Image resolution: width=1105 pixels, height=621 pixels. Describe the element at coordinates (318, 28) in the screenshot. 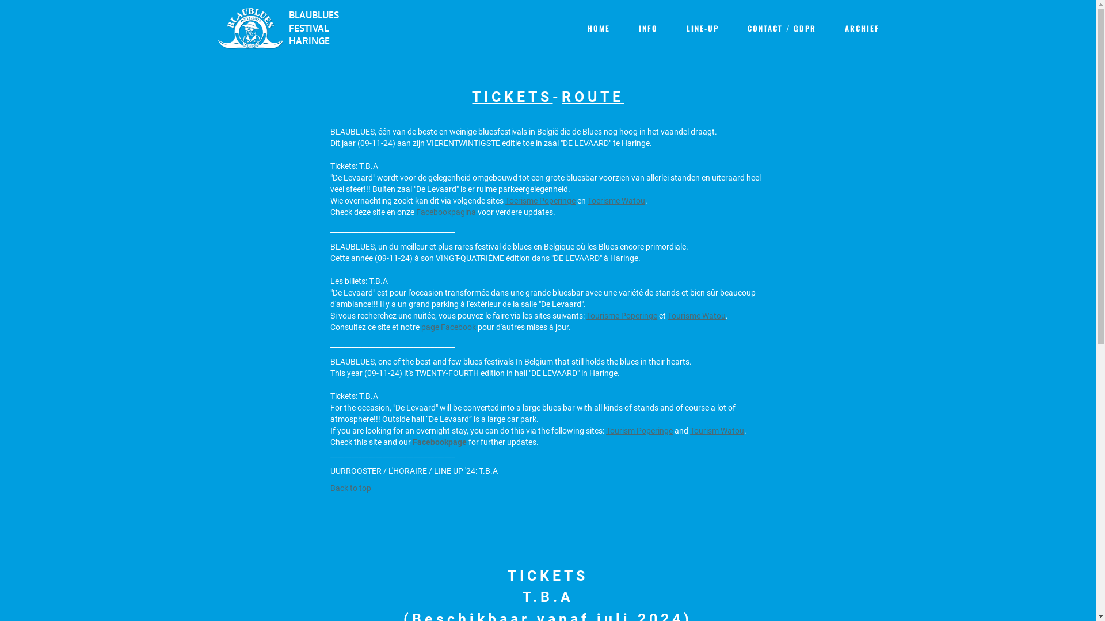

I see `'BLAUBLUES FESTIVAL HARINGE'` at that location.